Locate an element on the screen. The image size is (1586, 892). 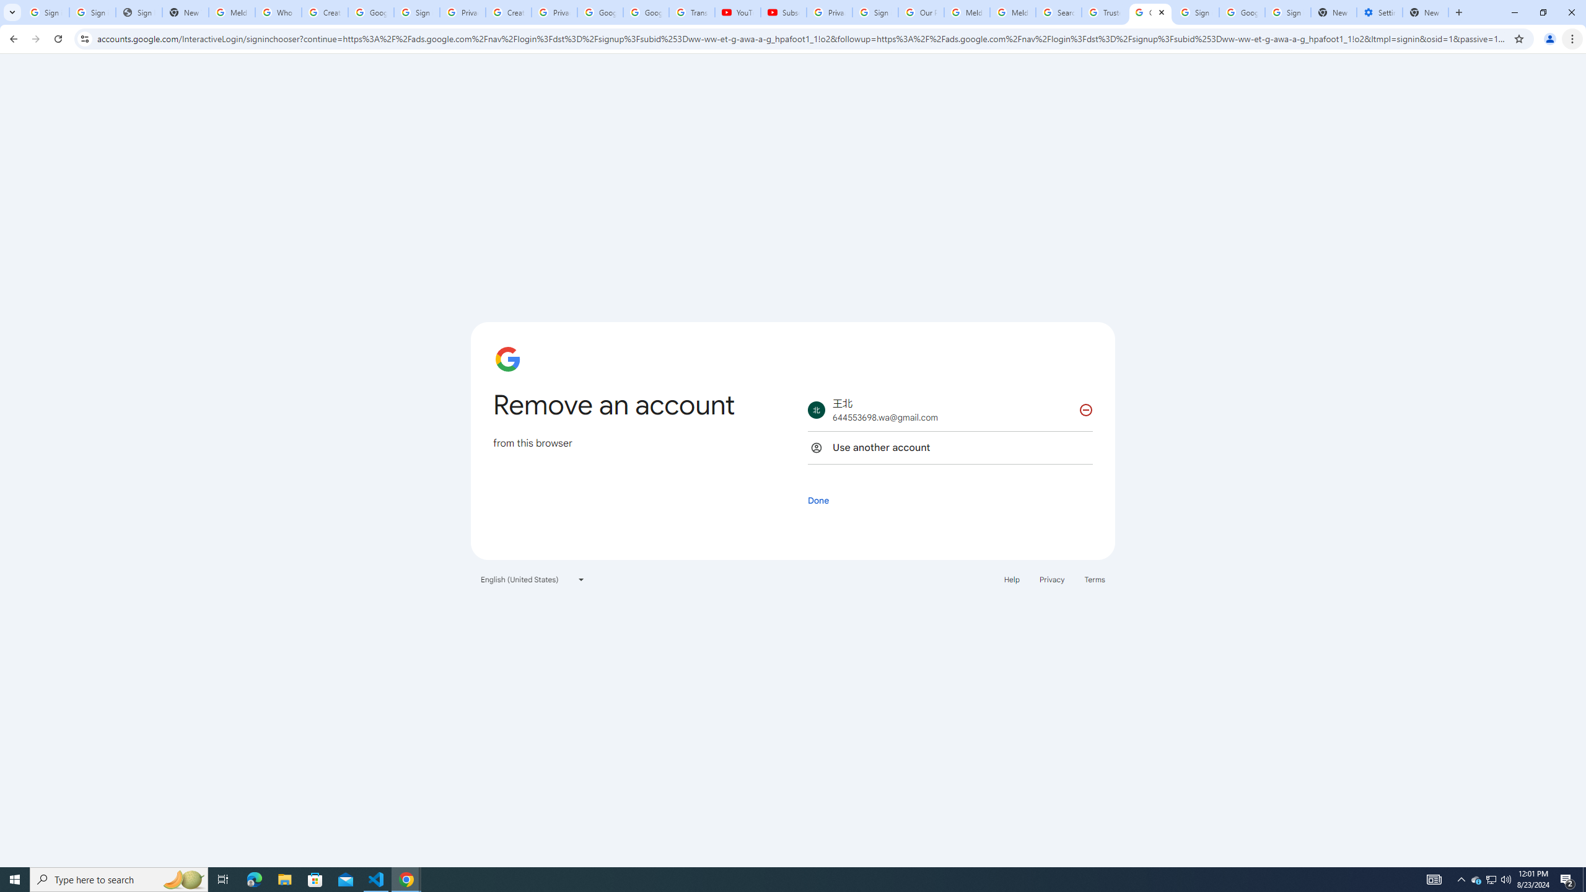
'Google Cybersecurity Innovations - Google Safety Center' is located at coordinates (1241, 12).